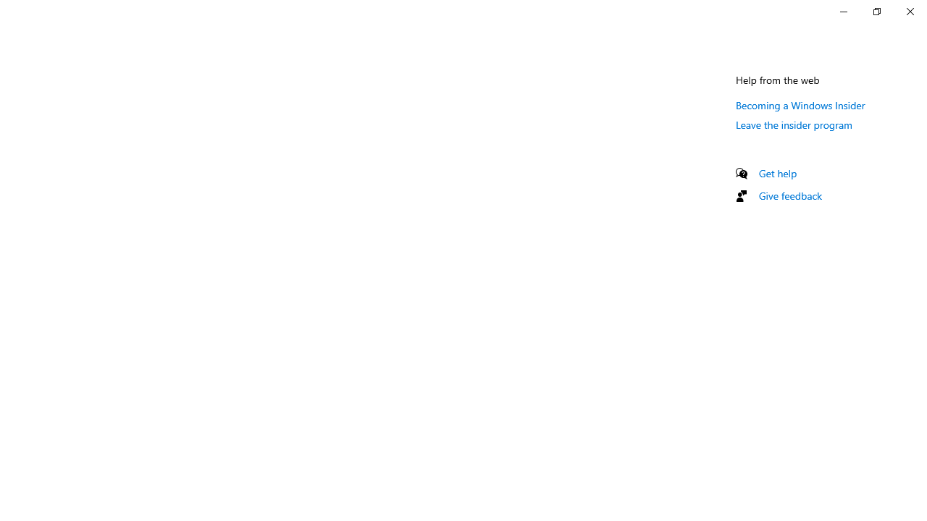 The image size is (927, 521). I want to click on 'Get help', so click(777, 172).